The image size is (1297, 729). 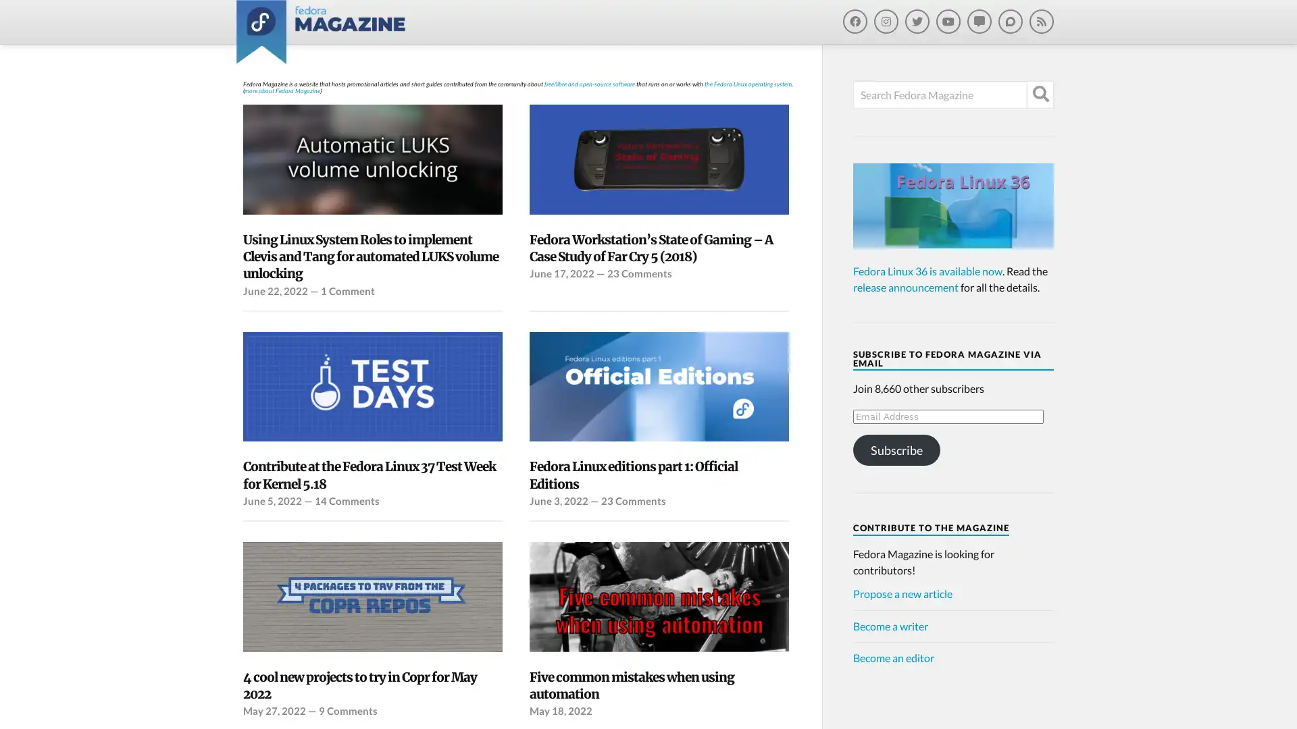 What do you see at coordinates (896, 450) in the screenshot?
I see `Subscribe` at bounding box center [896, 450].